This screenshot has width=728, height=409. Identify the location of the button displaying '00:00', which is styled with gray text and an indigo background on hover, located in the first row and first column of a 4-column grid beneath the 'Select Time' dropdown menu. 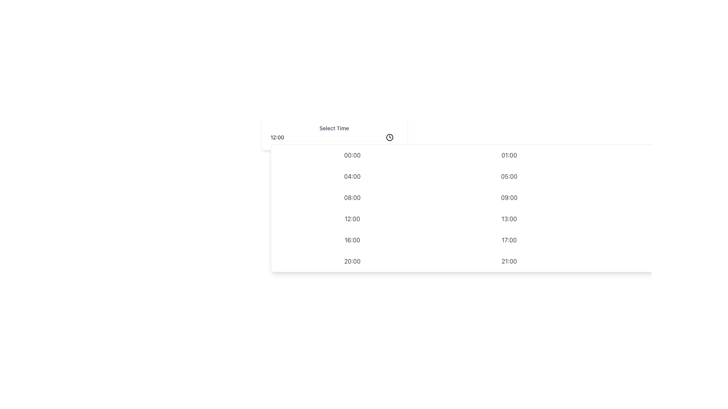
(352, 155).